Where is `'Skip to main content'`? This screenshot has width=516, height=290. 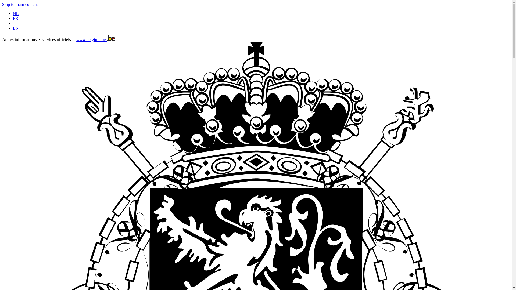 'Skip to main content' is located at coordinates (20, 4).